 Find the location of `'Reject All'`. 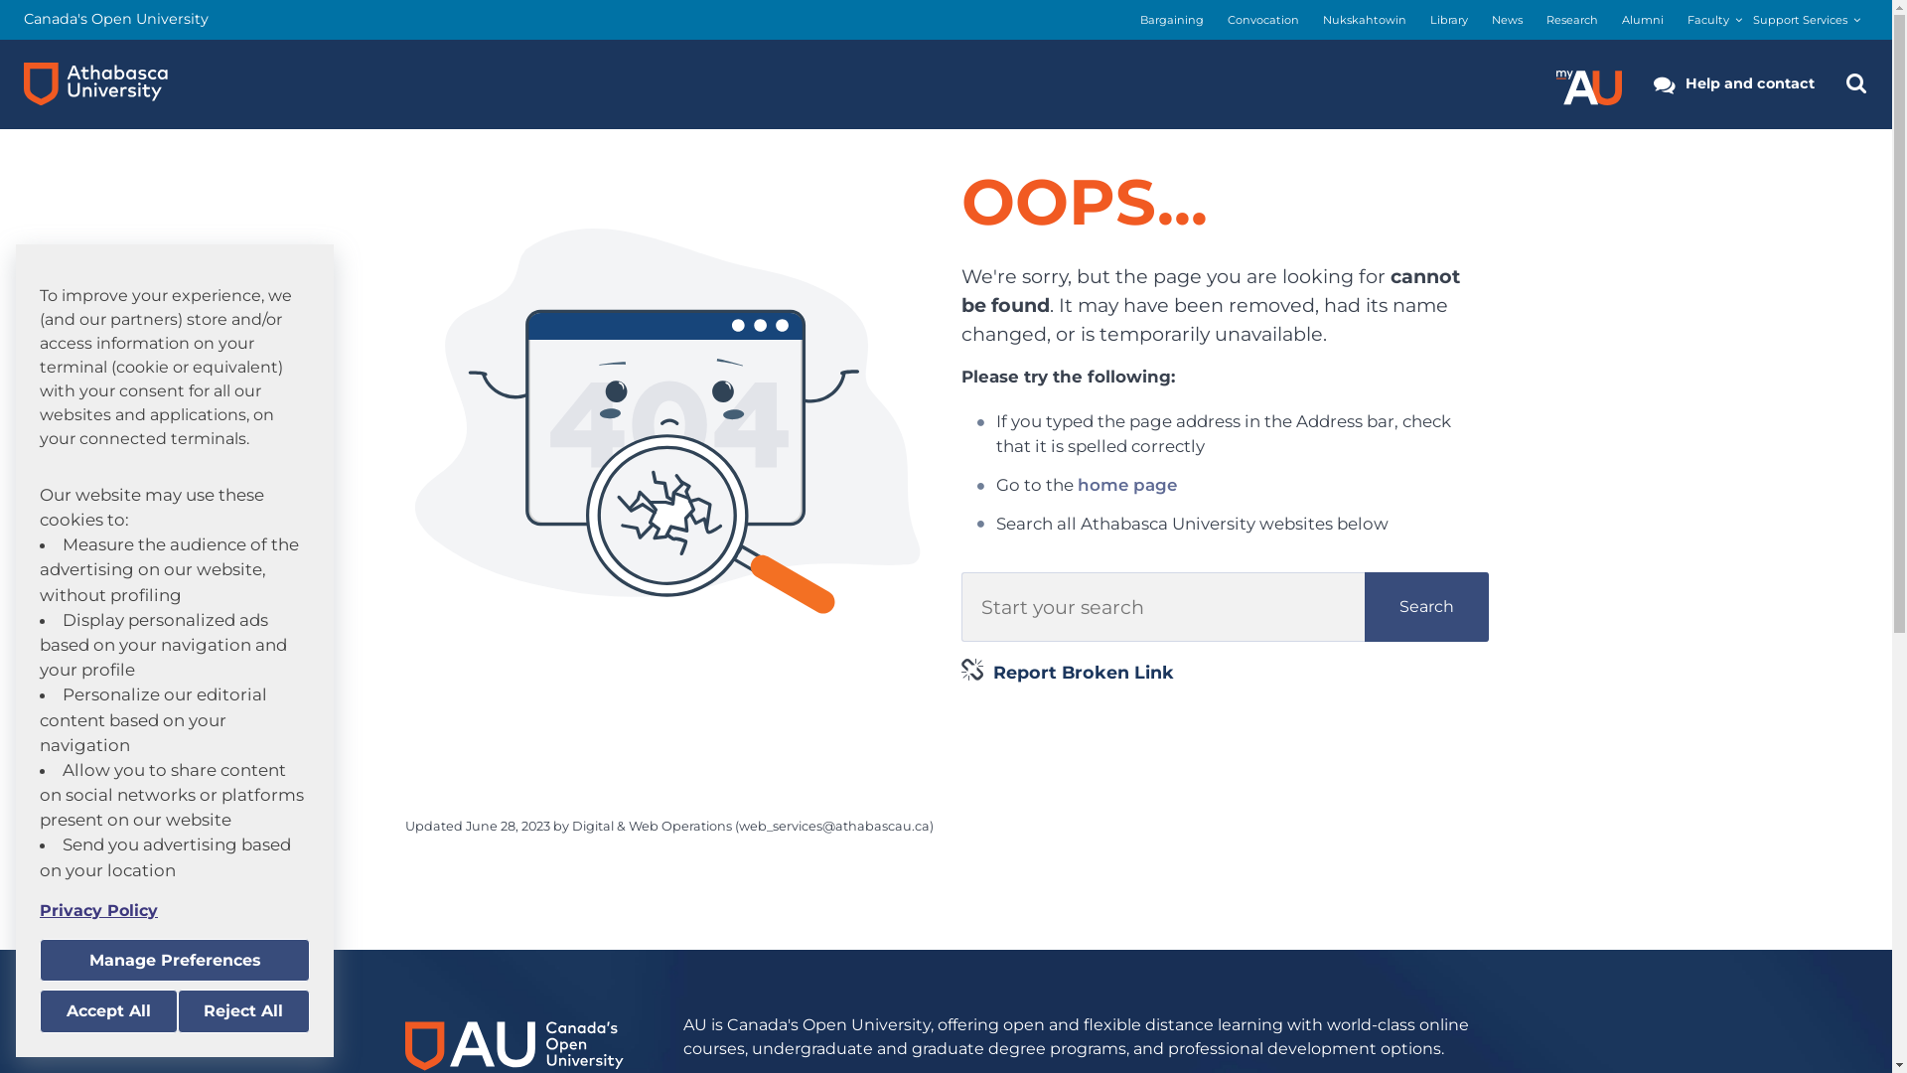

'Reject All' is located at coordinates (176, 1011).